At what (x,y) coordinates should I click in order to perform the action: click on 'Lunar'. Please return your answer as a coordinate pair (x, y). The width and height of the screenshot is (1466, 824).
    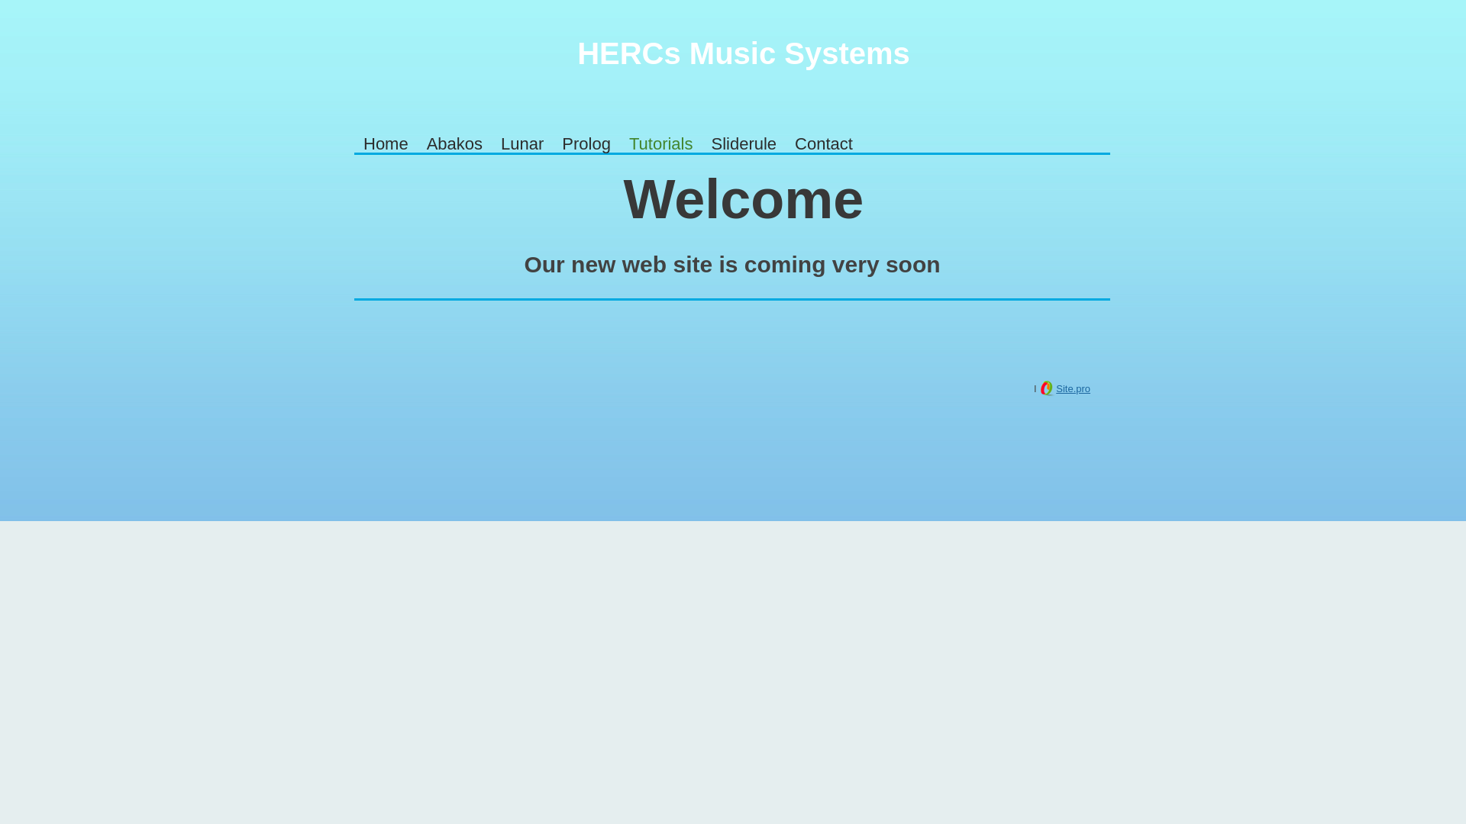
    Looking at the image, I should click on (499, 144).